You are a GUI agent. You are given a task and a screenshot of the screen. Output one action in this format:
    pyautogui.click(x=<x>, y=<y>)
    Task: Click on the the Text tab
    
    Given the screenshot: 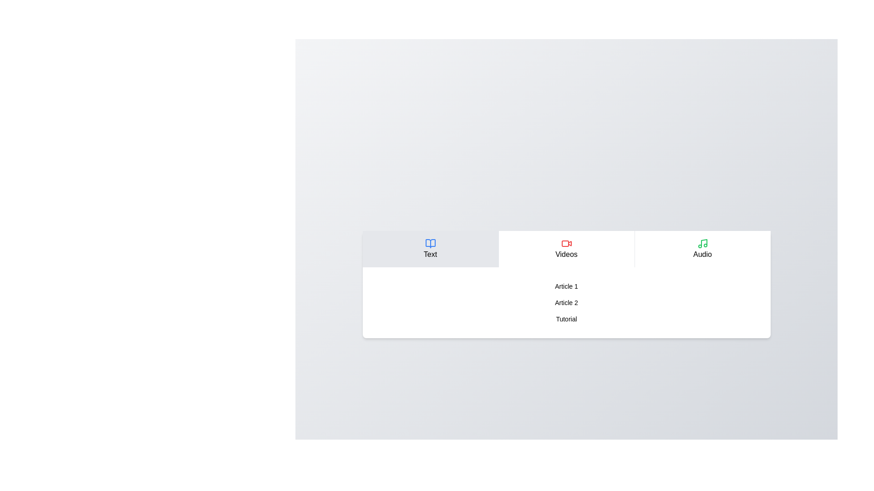 What is the action you would take?
    pyautogui.click(x=430, y=249)
    